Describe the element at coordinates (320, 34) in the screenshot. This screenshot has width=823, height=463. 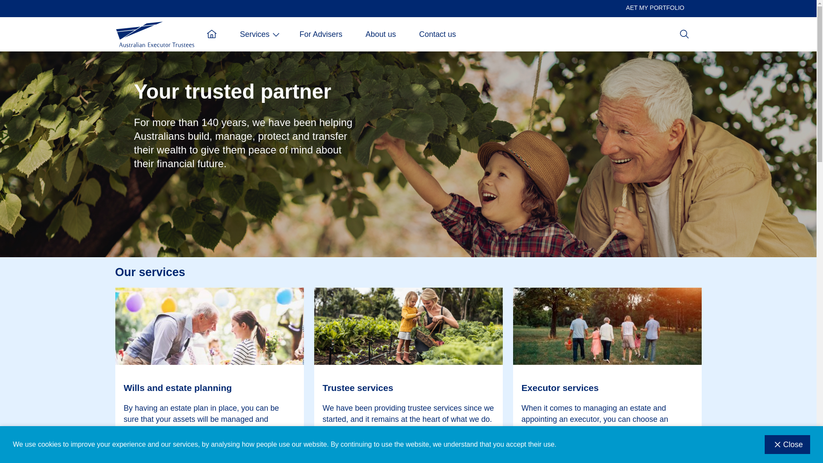
I see `'For Advisers'` at that location.